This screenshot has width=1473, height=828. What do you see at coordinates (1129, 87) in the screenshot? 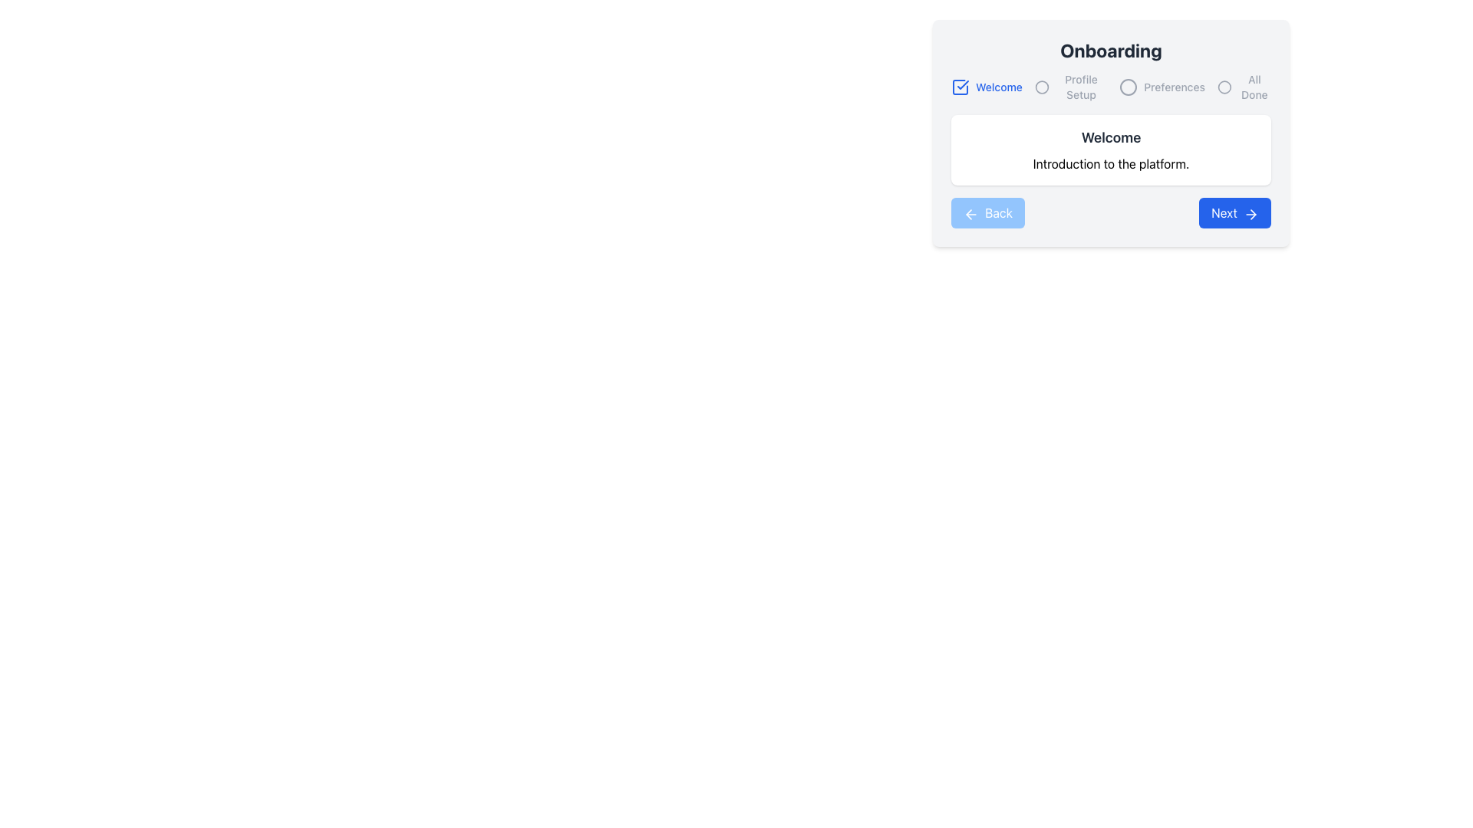
I see `the third circular progress indicator in the sequence, located near the 'Preferences' label` at bounding box center [1129, 87].